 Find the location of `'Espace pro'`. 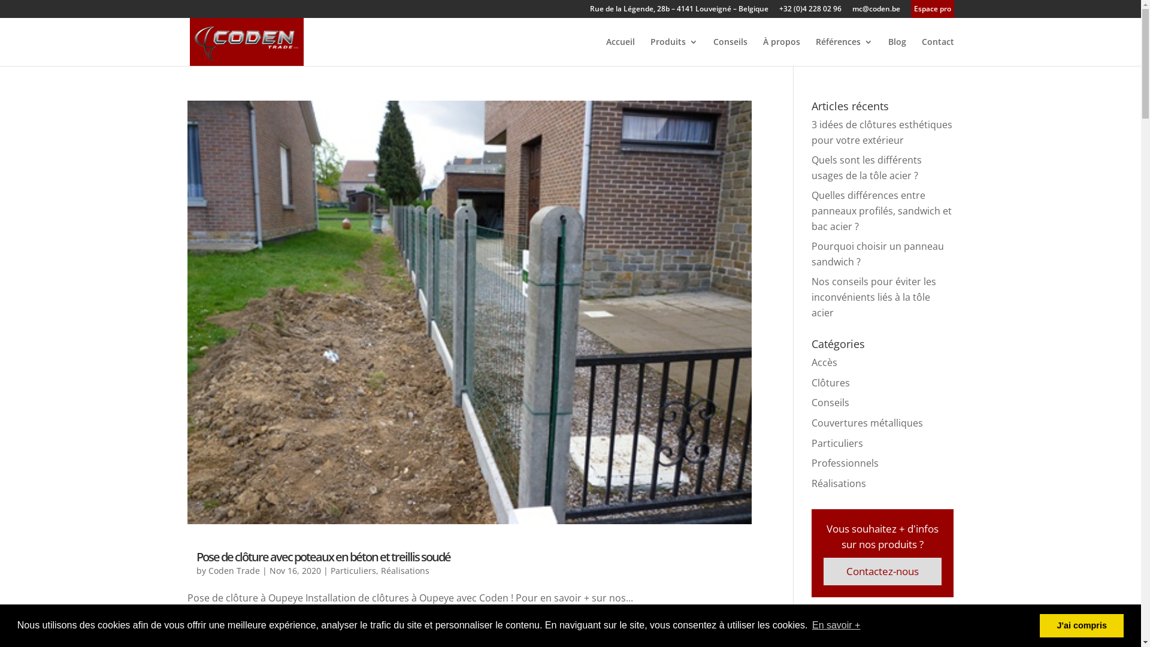

'Espace pro' is located at coordinates (931, 11).